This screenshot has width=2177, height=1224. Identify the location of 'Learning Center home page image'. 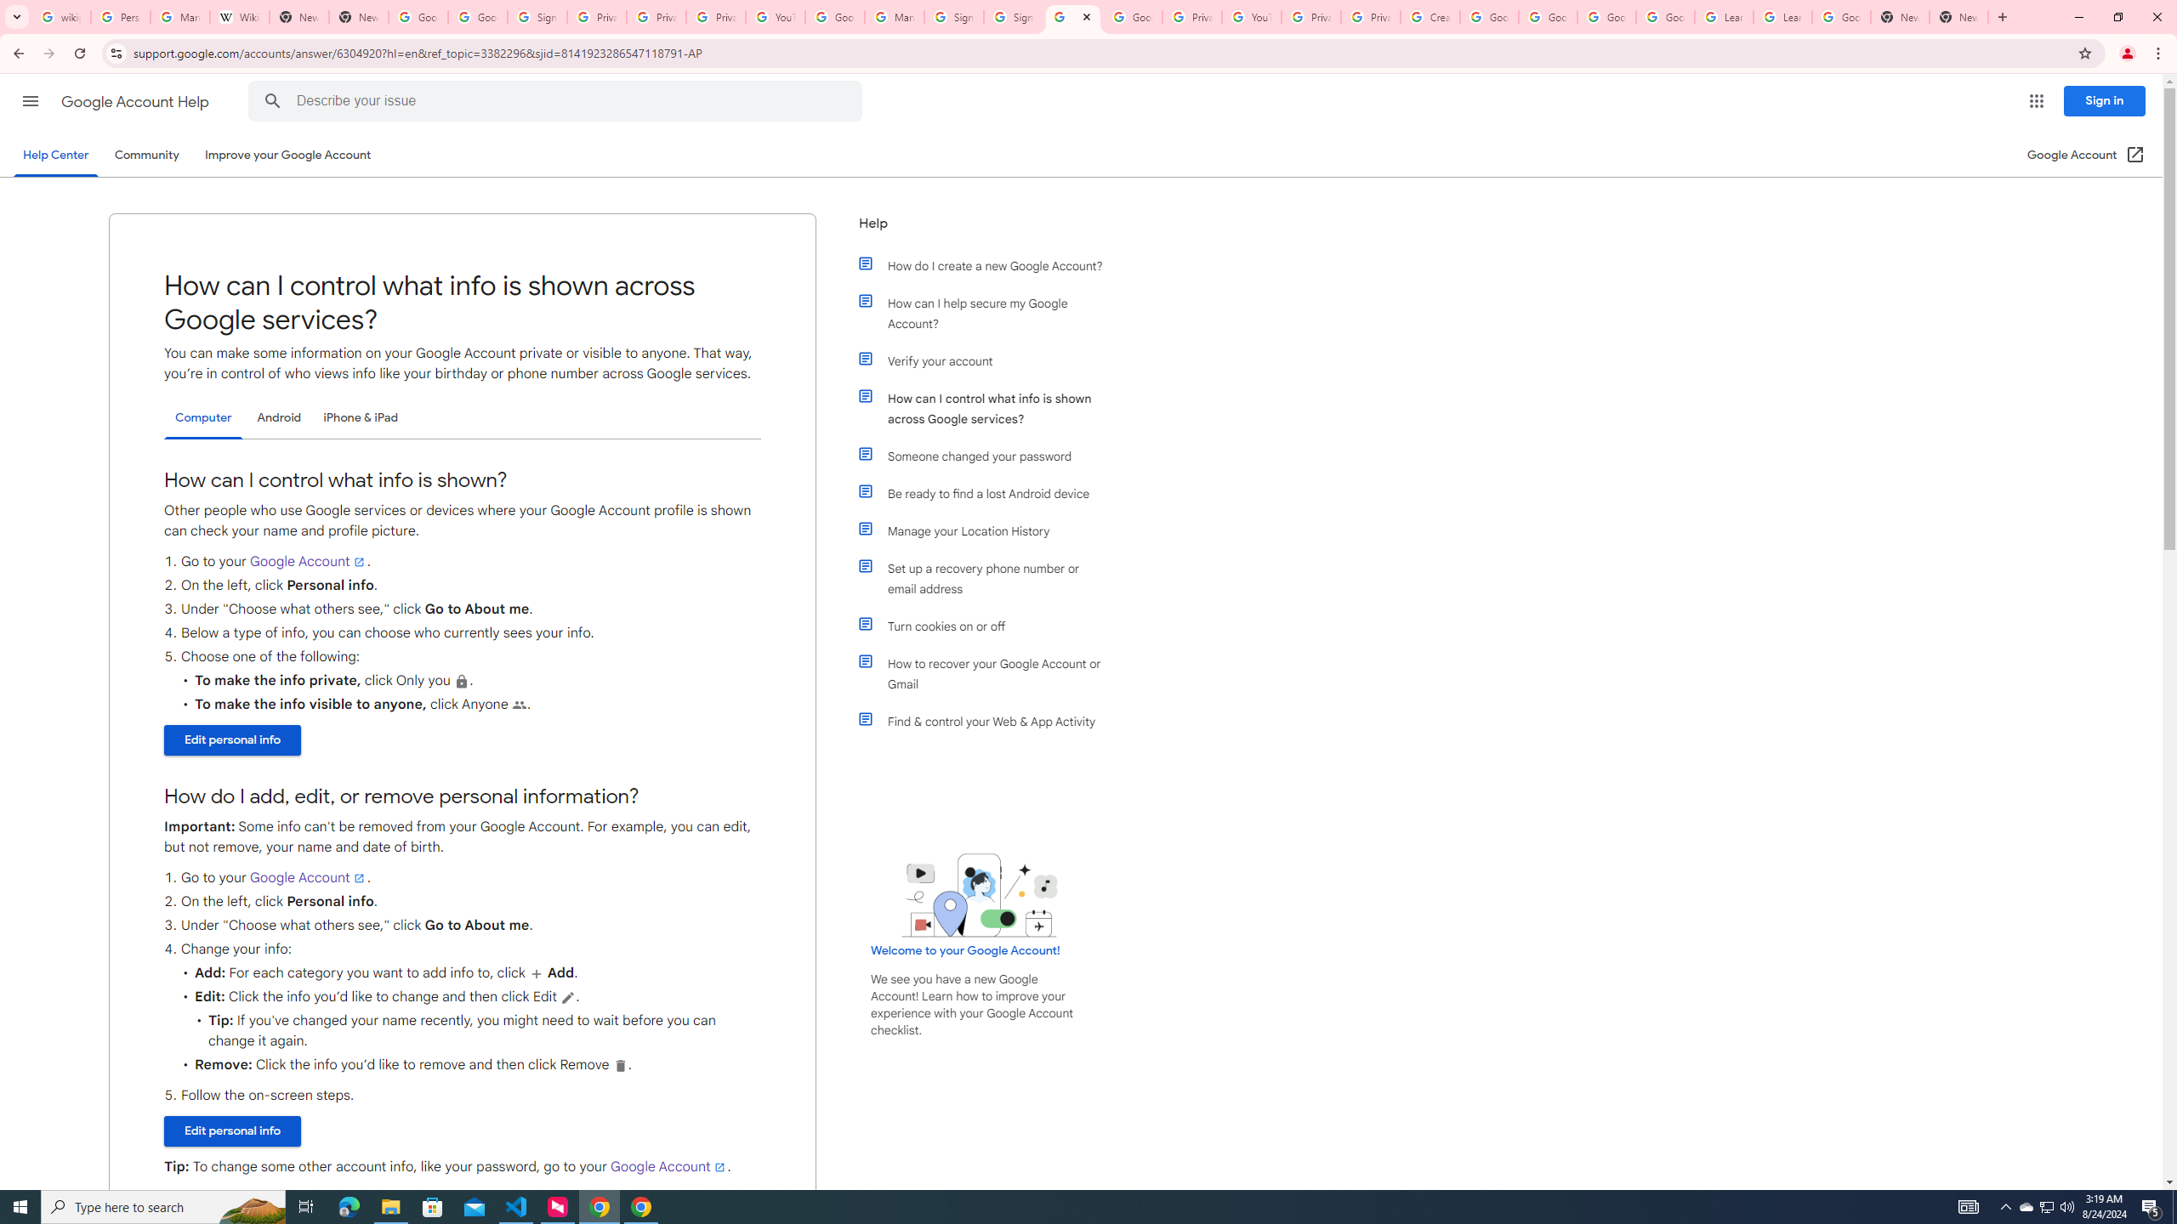
(979, 895).